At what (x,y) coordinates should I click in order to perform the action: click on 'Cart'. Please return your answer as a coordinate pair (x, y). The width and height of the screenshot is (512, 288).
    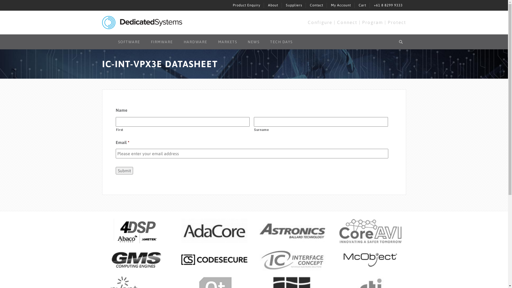
    Looking at the image, I should click on (362, 5).